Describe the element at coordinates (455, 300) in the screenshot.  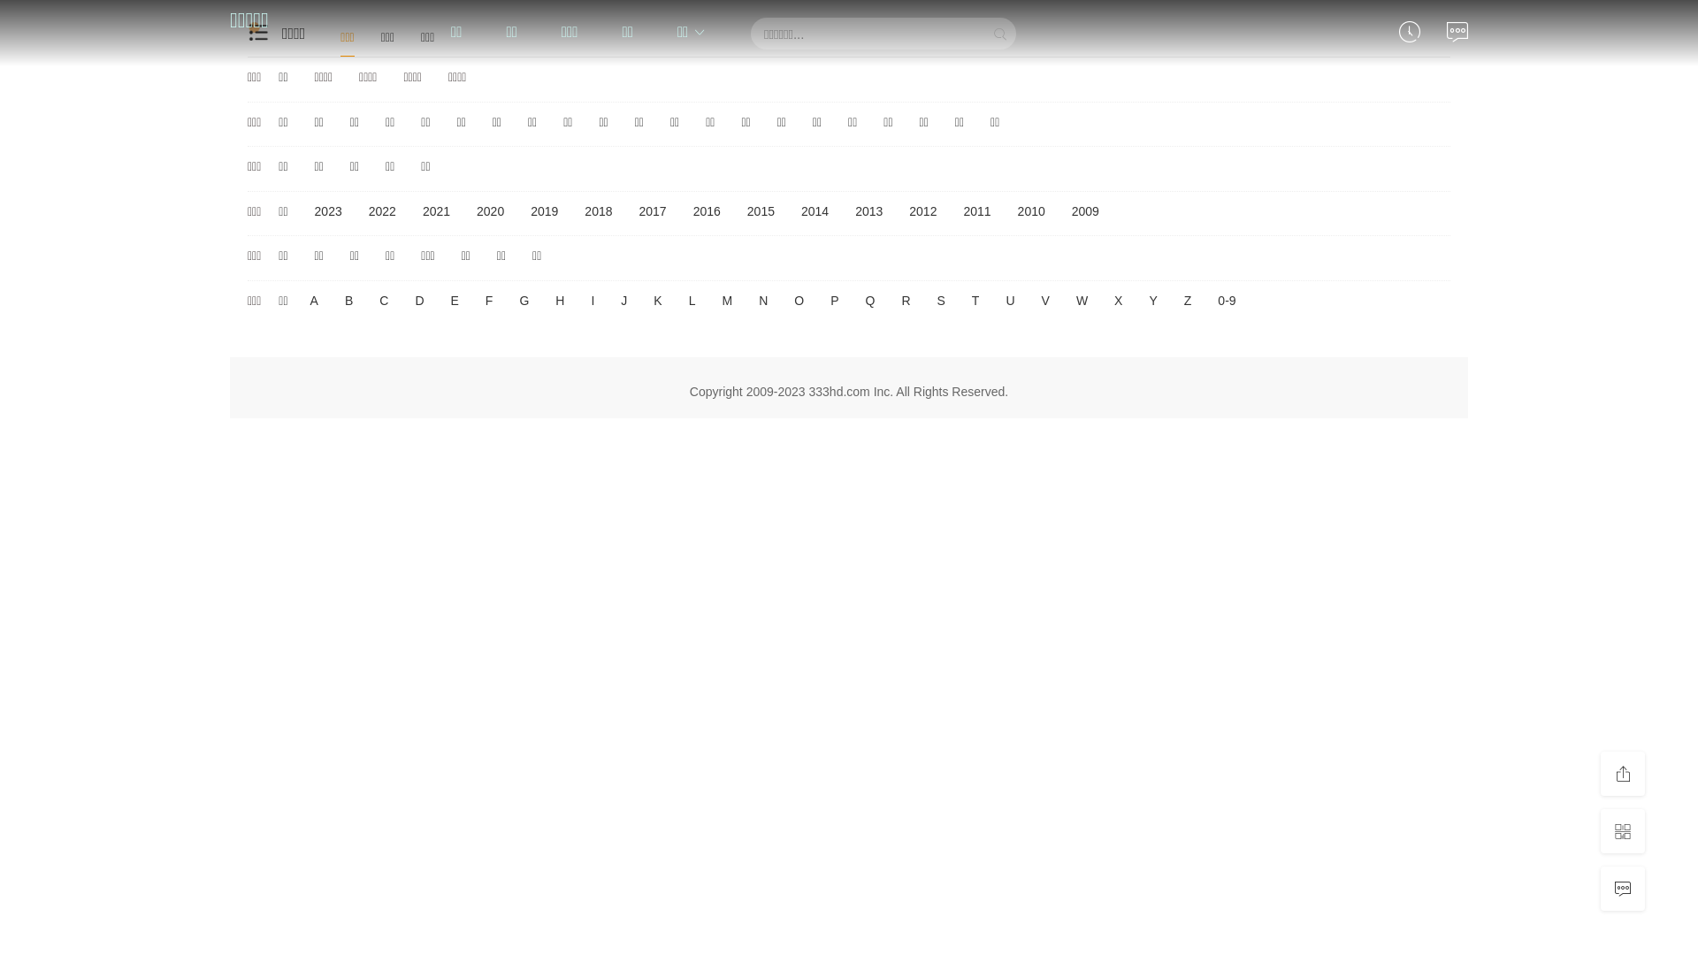
I see `'E'` at that location.